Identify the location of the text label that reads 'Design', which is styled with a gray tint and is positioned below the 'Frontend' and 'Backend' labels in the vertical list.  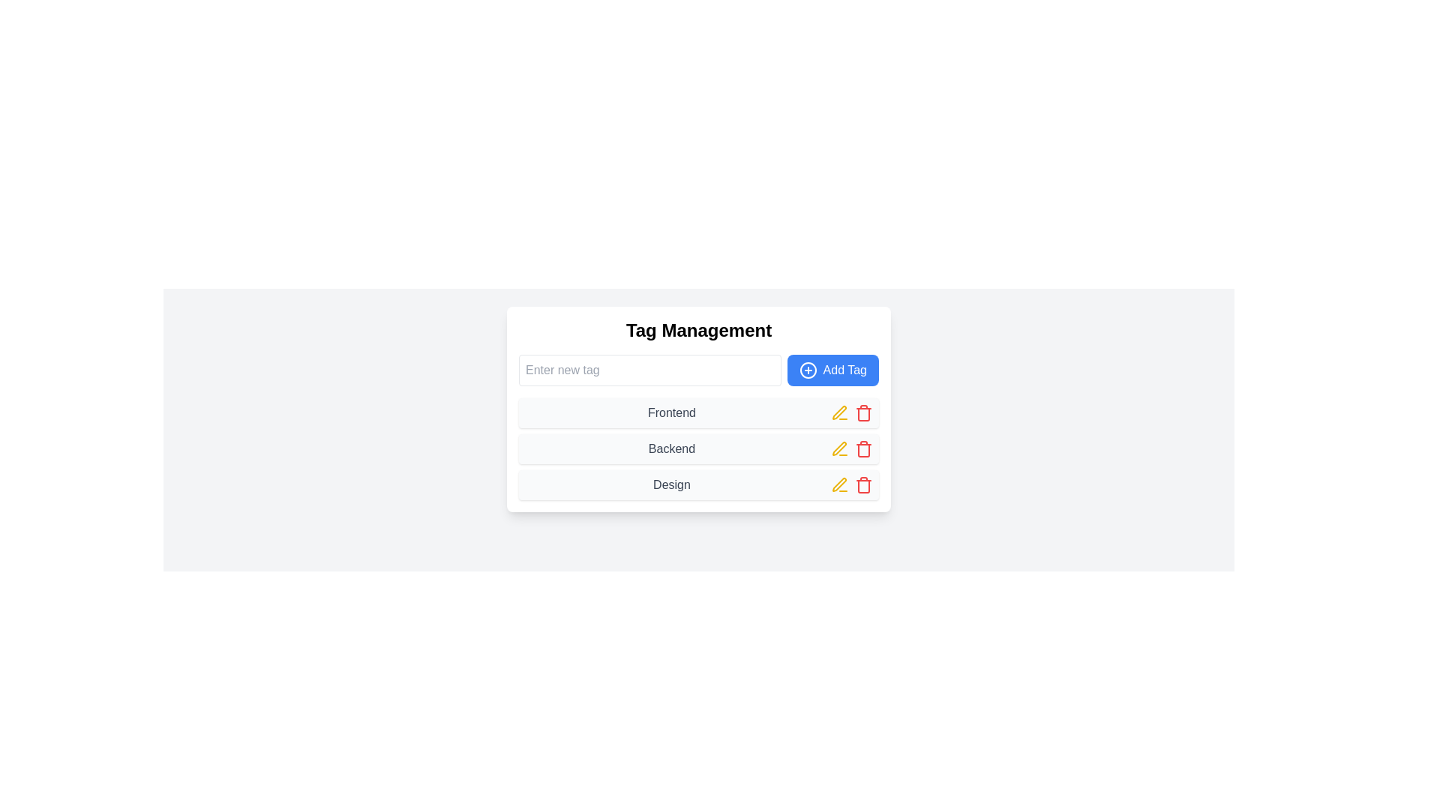
(671, 485).